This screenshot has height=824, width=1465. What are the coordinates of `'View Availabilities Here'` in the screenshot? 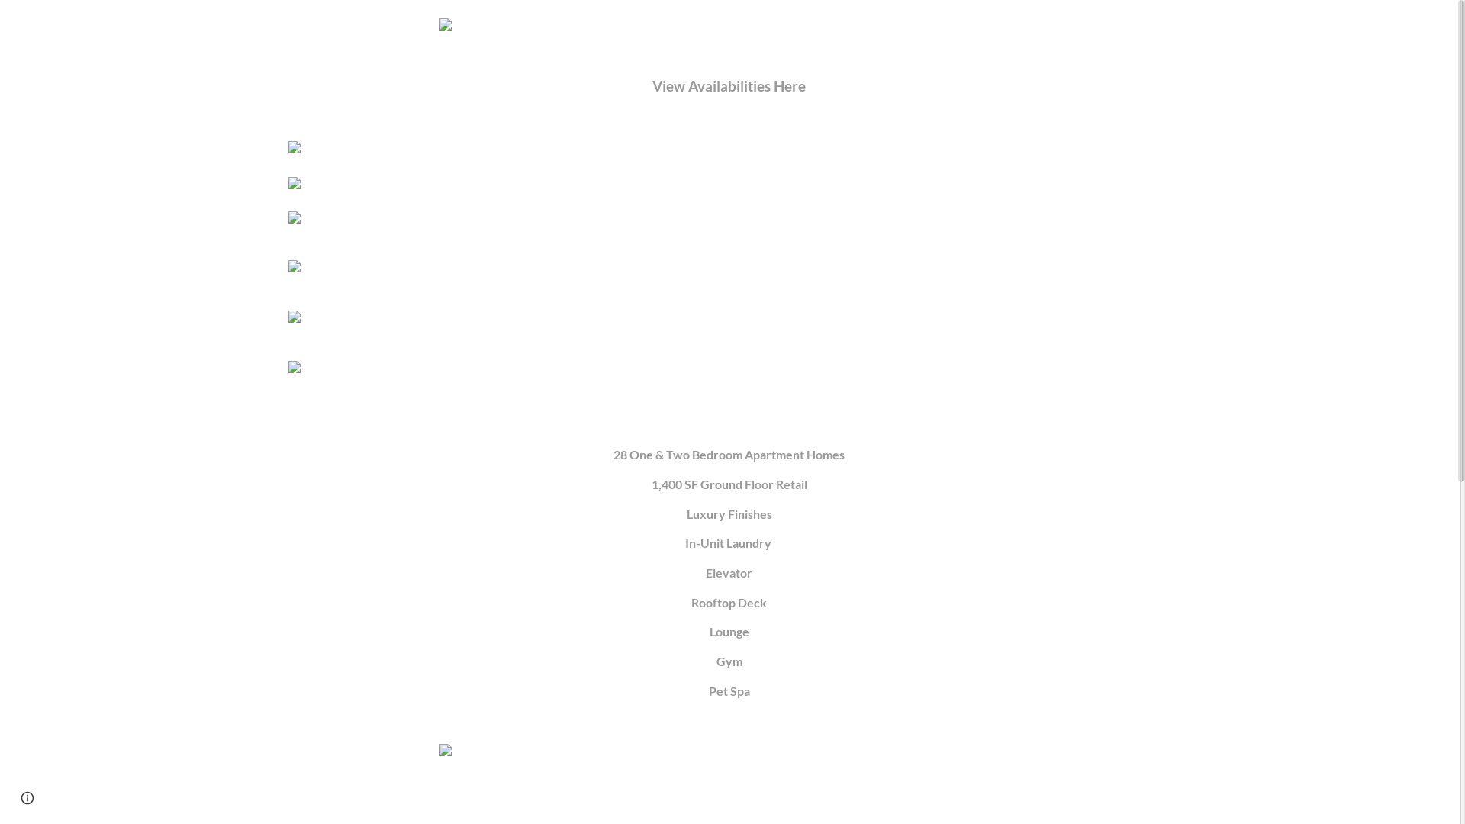 It's located at (652, 87).